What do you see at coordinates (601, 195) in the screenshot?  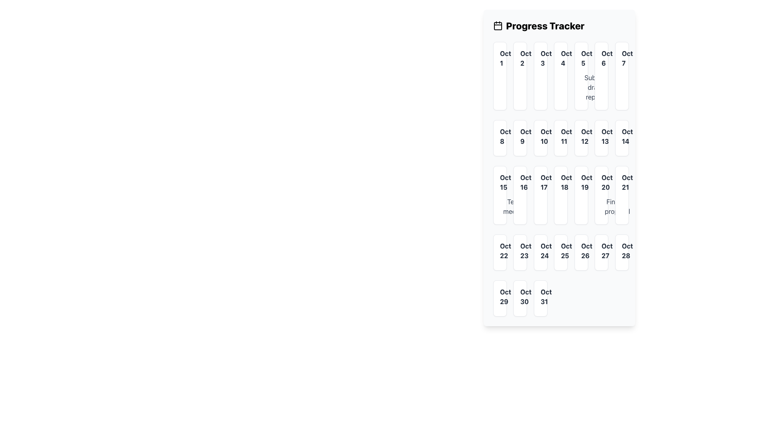 I see `associated events of the day tile component located in the sixth column of the fourth row of the calendar interface, under the date 'Oct 19'` at bounding box center [601, 195].